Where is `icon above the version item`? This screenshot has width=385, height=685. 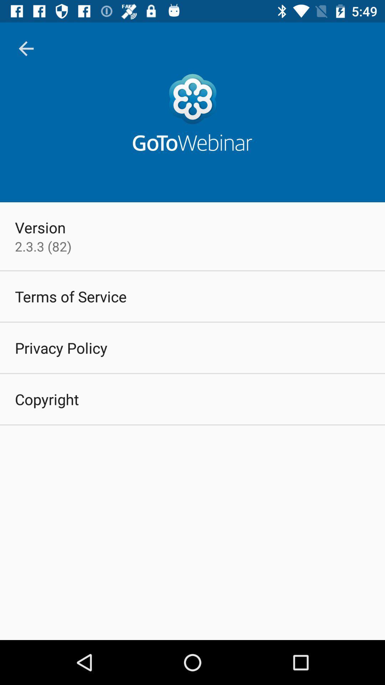
icon above the version item is located at coordinates (26, 48).